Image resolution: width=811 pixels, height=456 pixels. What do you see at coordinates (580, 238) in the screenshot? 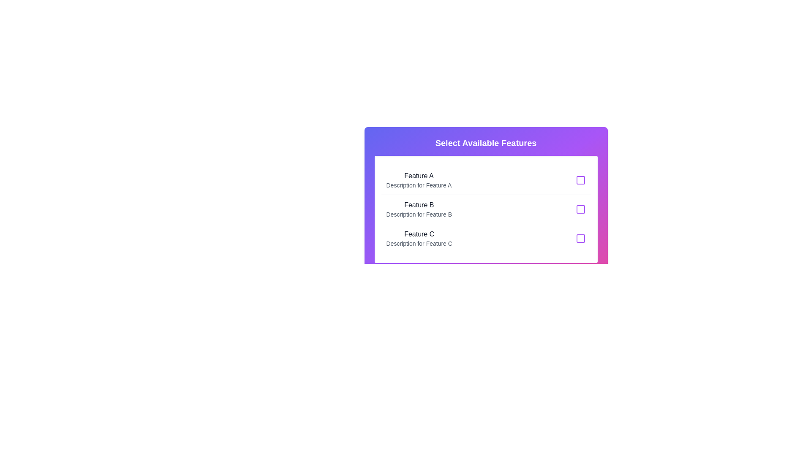
I see `the purple square outline checkbox located to the right of 'Feature C' in the third item of the list for additional styling` at bounding box center [580, 238].